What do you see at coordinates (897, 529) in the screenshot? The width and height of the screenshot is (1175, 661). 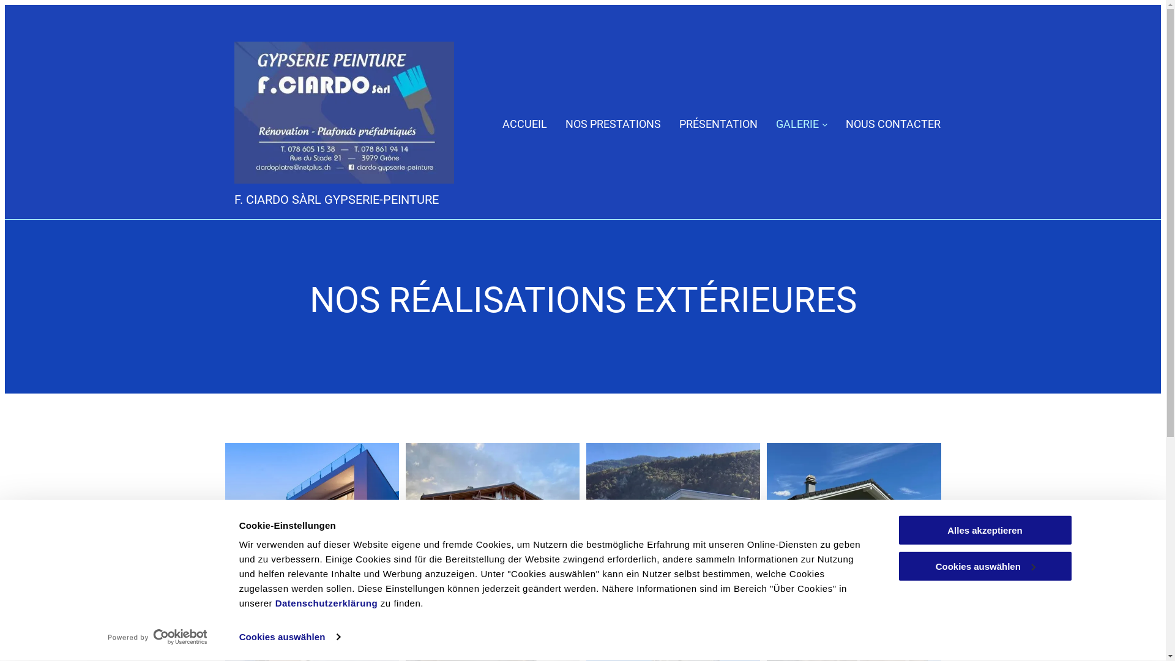 I see `'Alles akzeptieren'` at bounding box center [897, 529].